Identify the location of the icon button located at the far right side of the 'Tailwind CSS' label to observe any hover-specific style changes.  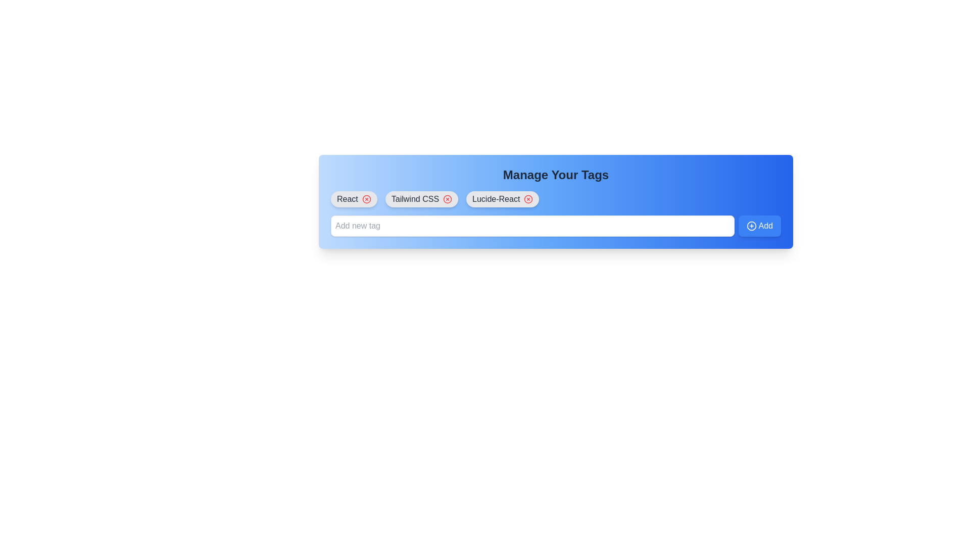
(447, 199).